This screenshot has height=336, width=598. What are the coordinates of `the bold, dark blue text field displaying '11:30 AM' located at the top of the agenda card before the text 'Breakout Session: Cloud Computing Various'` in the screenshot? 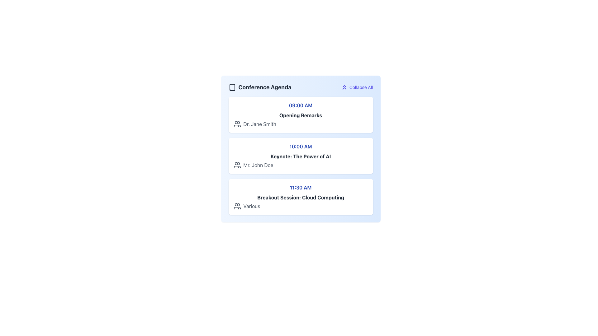 It's located at (301, 187).